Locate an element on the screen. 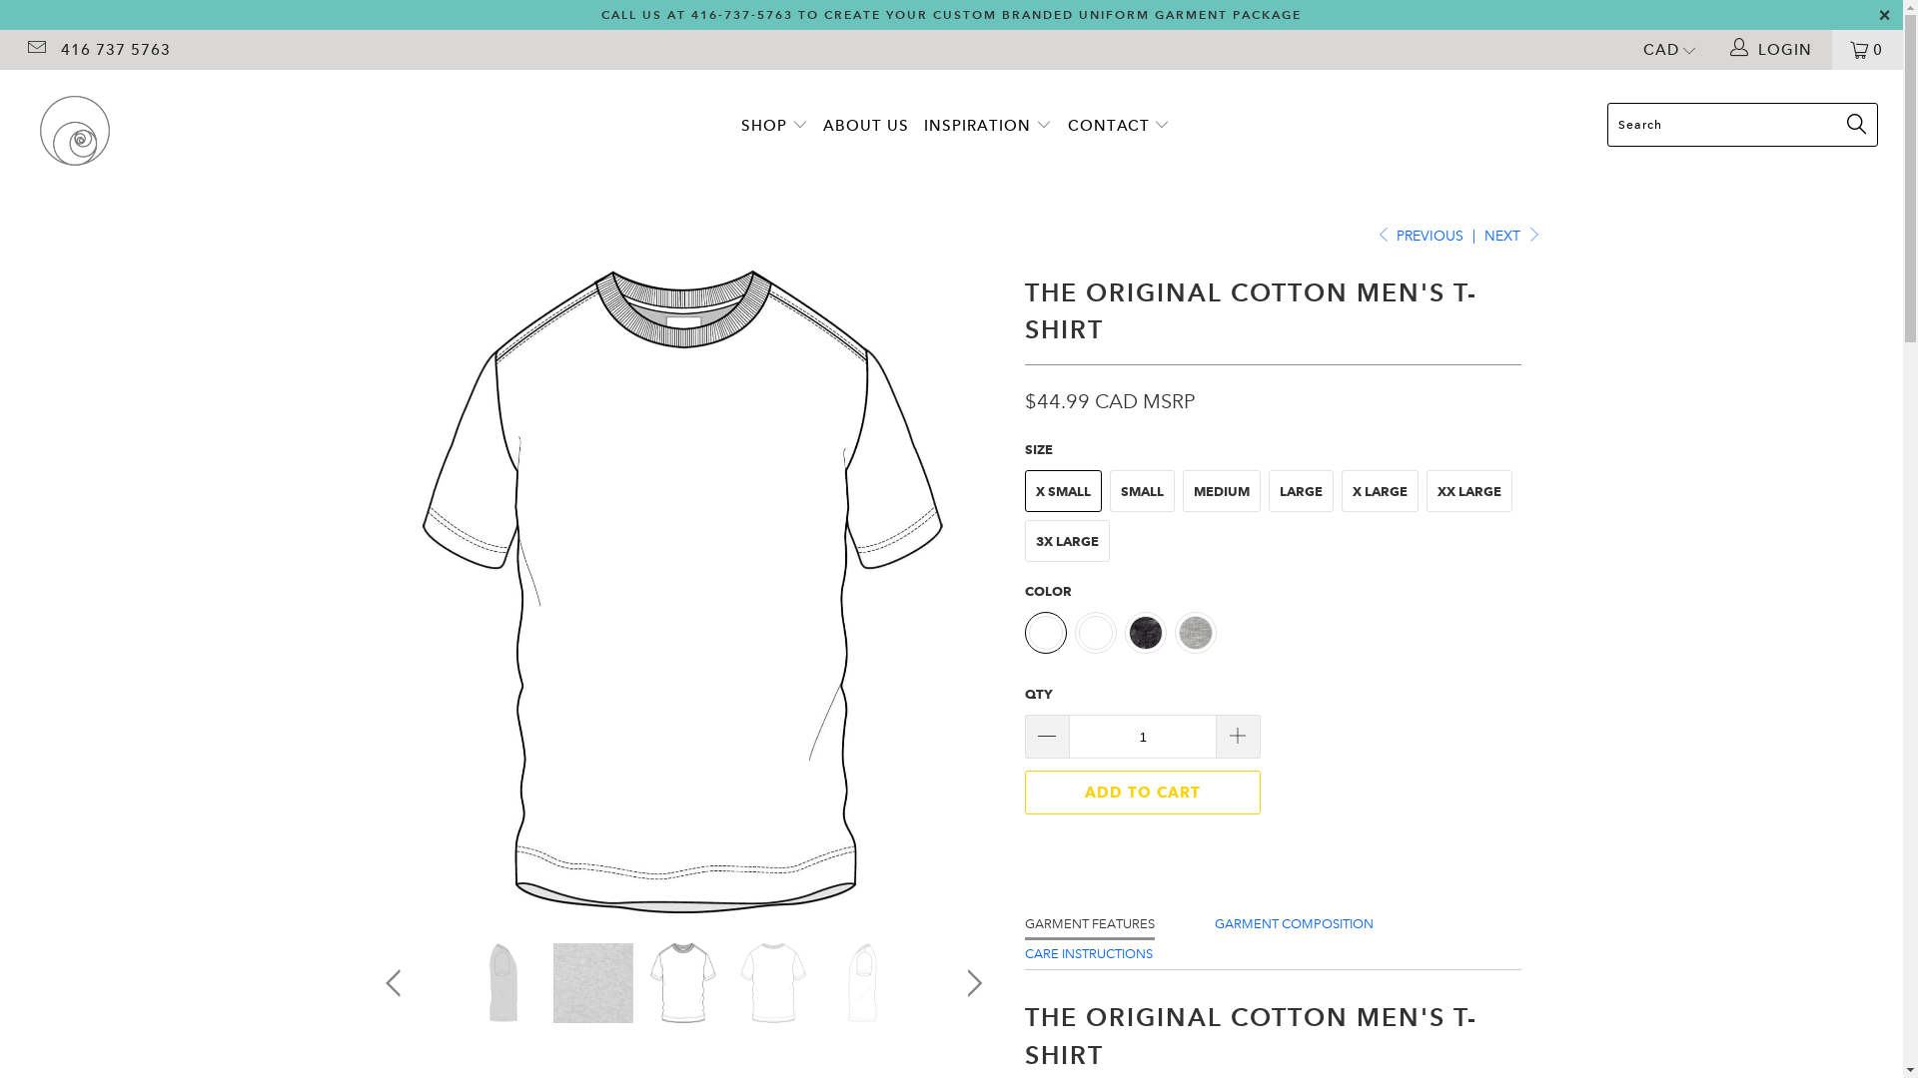 The height and width of the screenshot is (1078, 1918). 'PREVIOUS' is located at coordinates (1418, 234).